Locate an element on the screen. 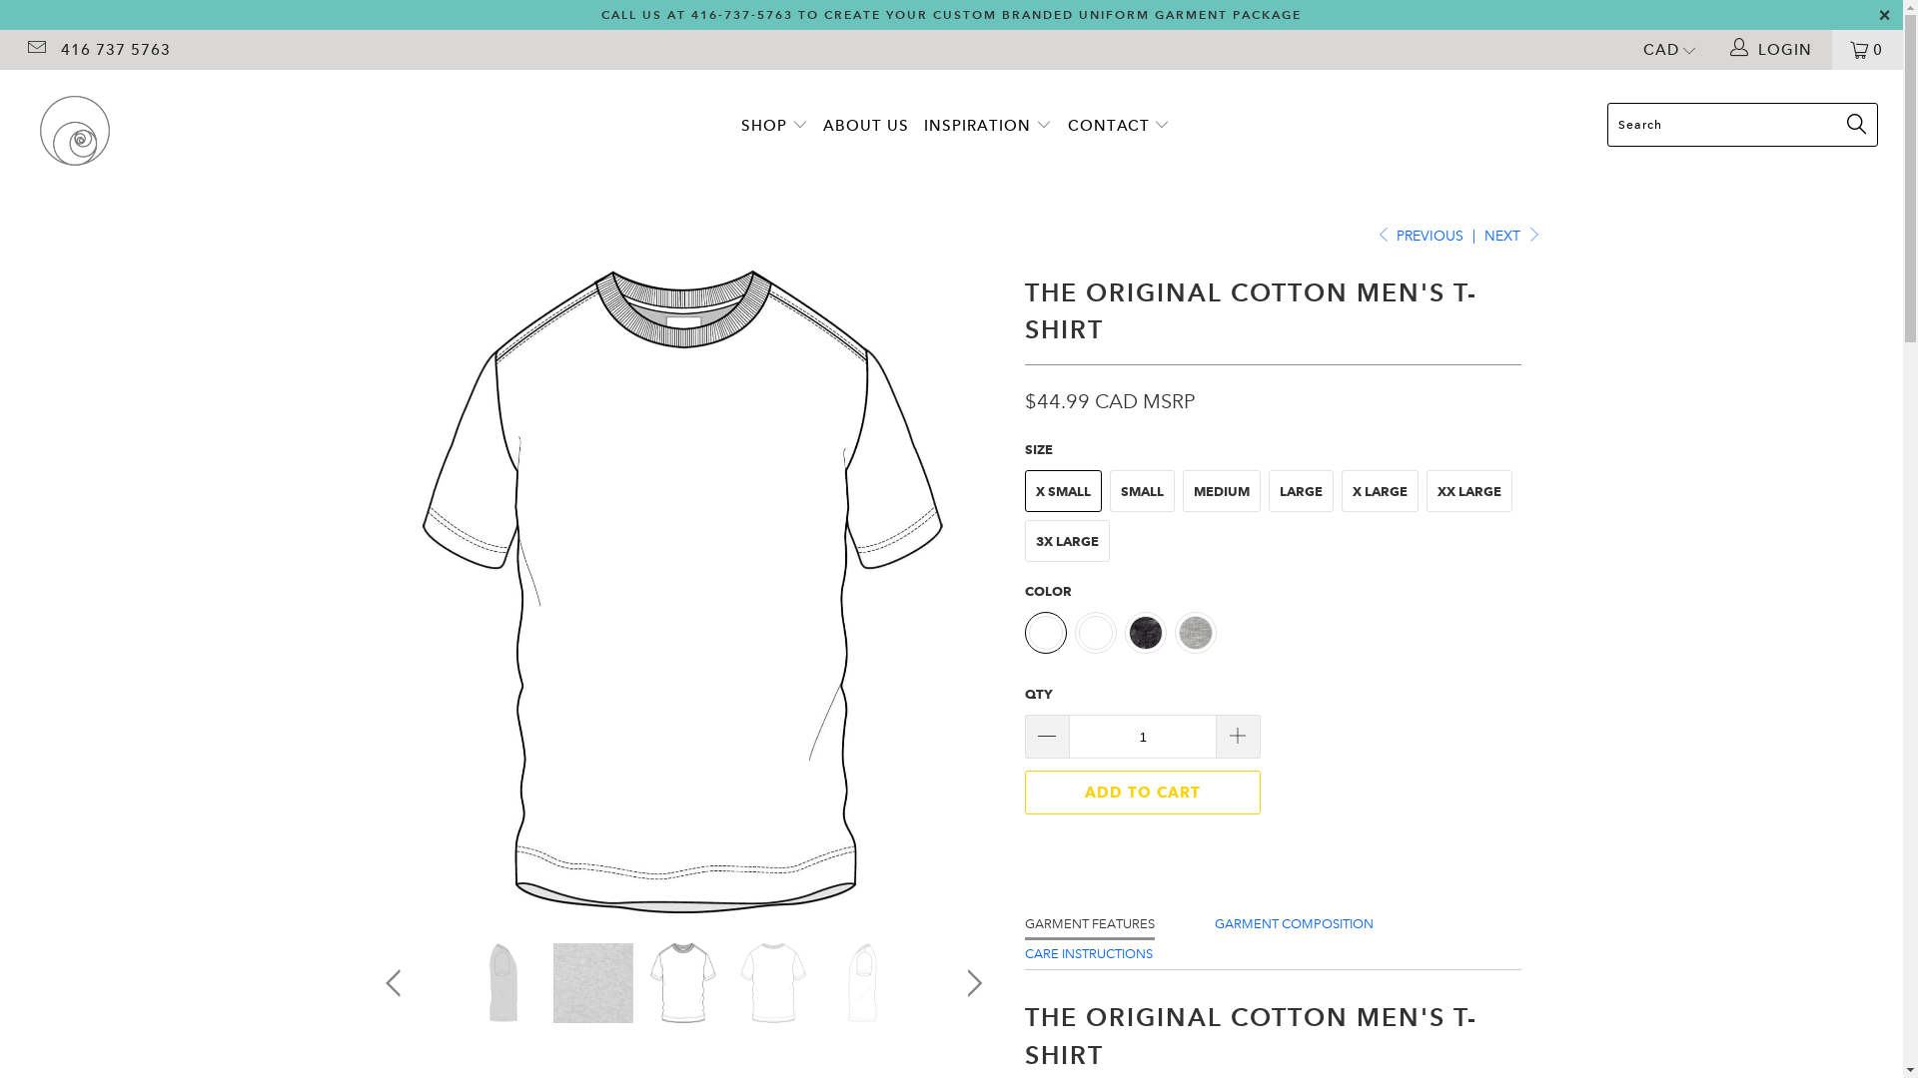 The height and width of the screenshot is (1078, 1918). 'PREVIOUS' is located at coordinates (1418, 234).